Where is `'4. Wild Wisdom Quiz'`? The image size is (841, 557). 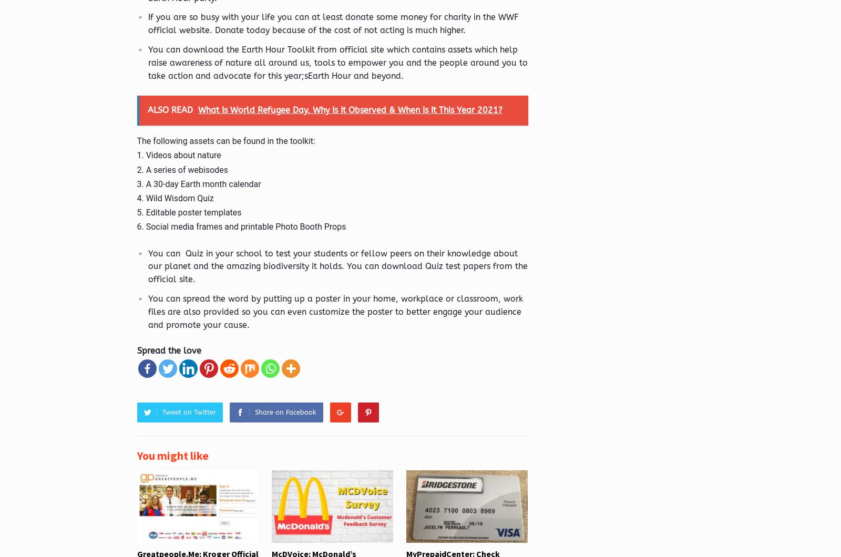
'4. Wild Wisdom Quiz' is located at coordinates (175, 198).